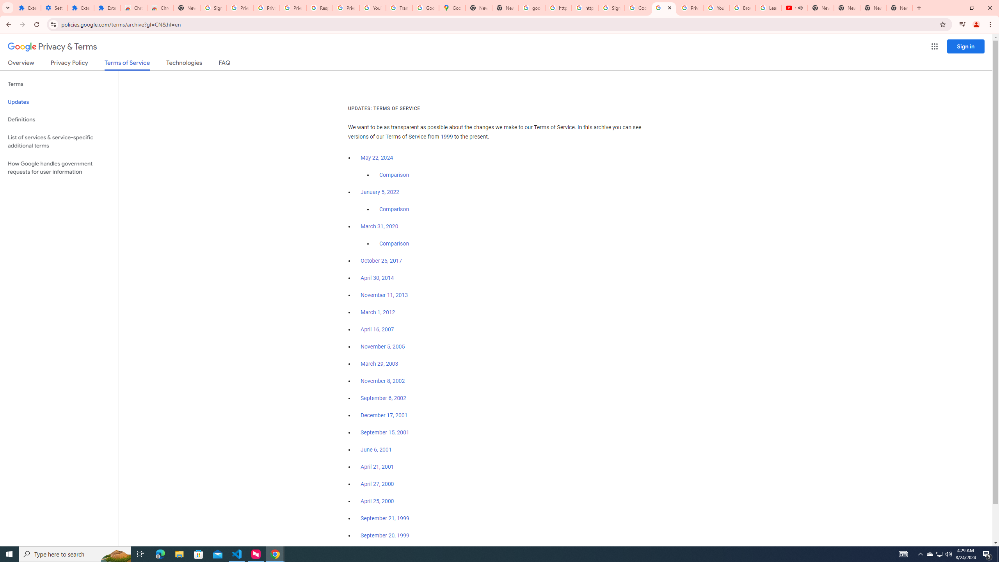 The width and height of the screenshot is (999, 562). What do you see at coordinates (716, 7) in the screenshot?
I see `'YouTube'` at bounding box center [716, 7].